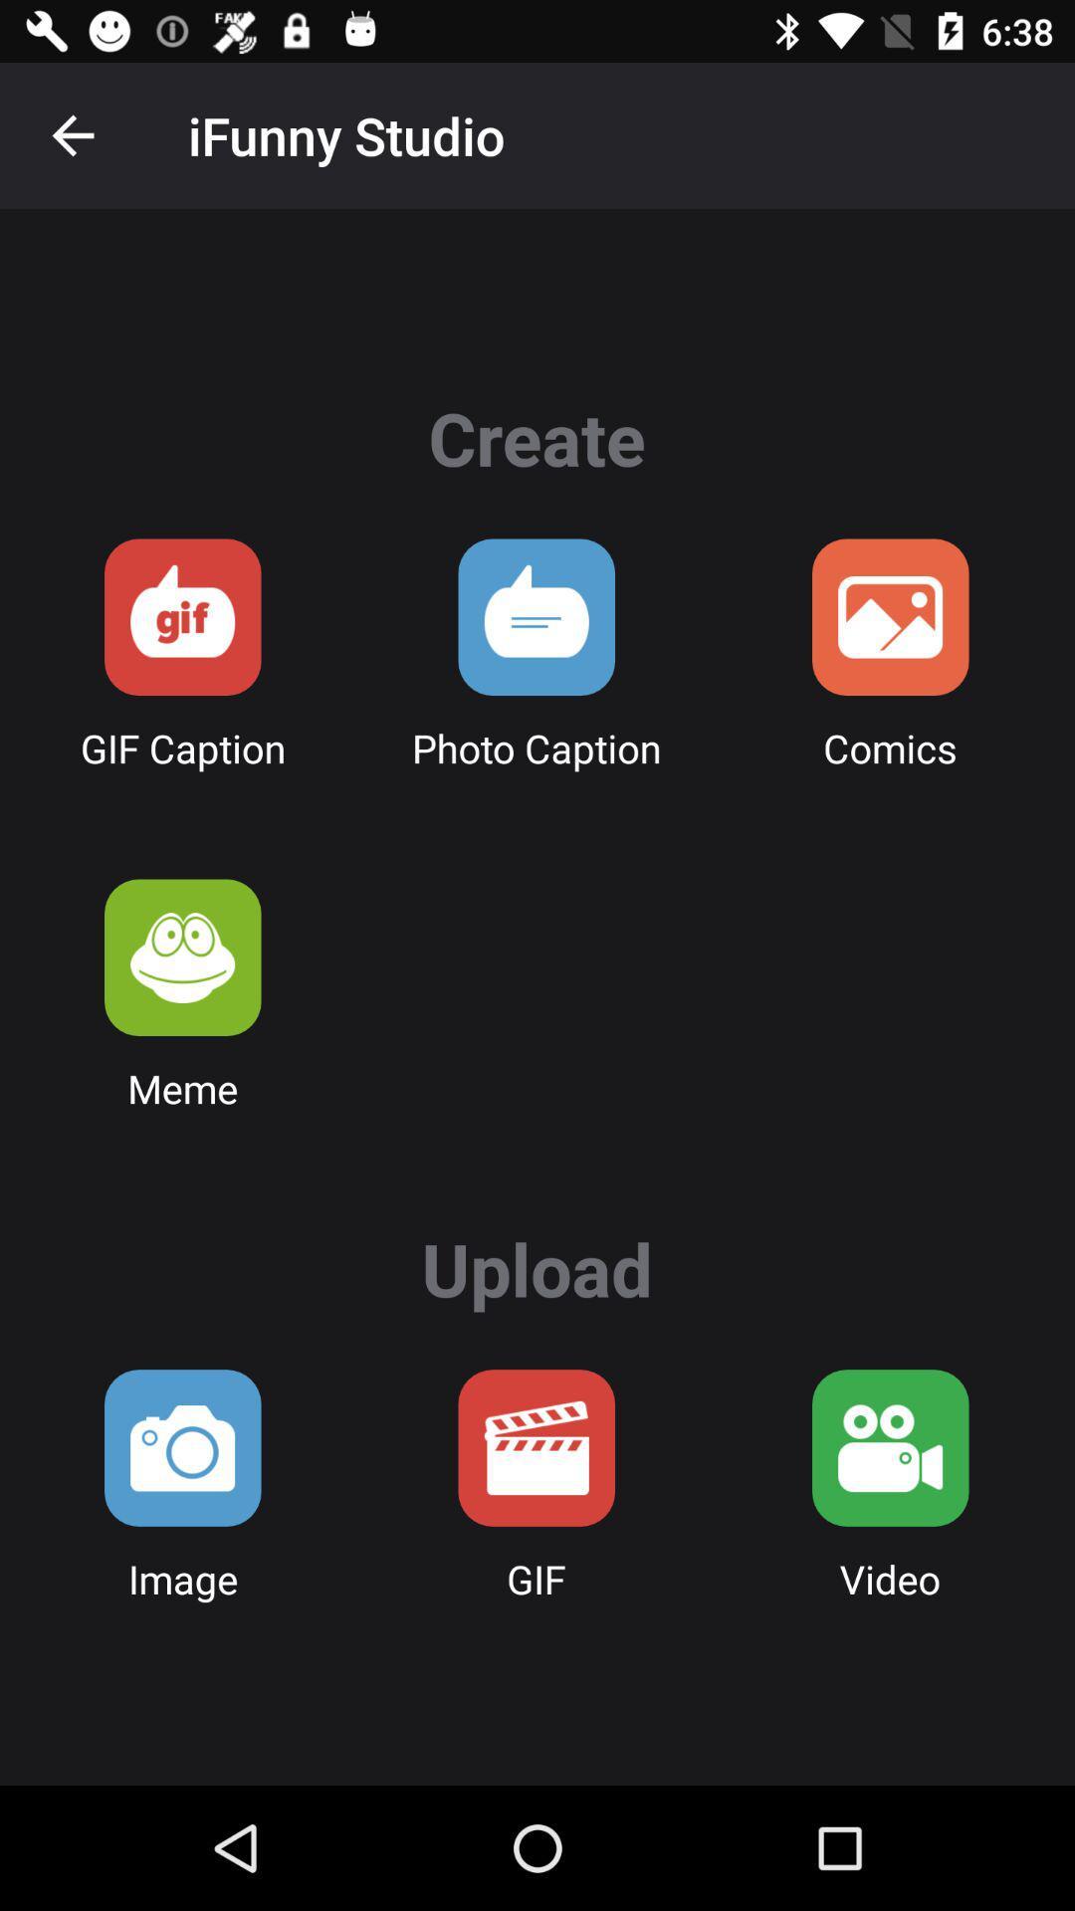 This screenshot has width=1075, height=1911. What do you see at coordinates (536, 1447) in the screenshot?
I see `gif` at bounding box center [536, 1447].